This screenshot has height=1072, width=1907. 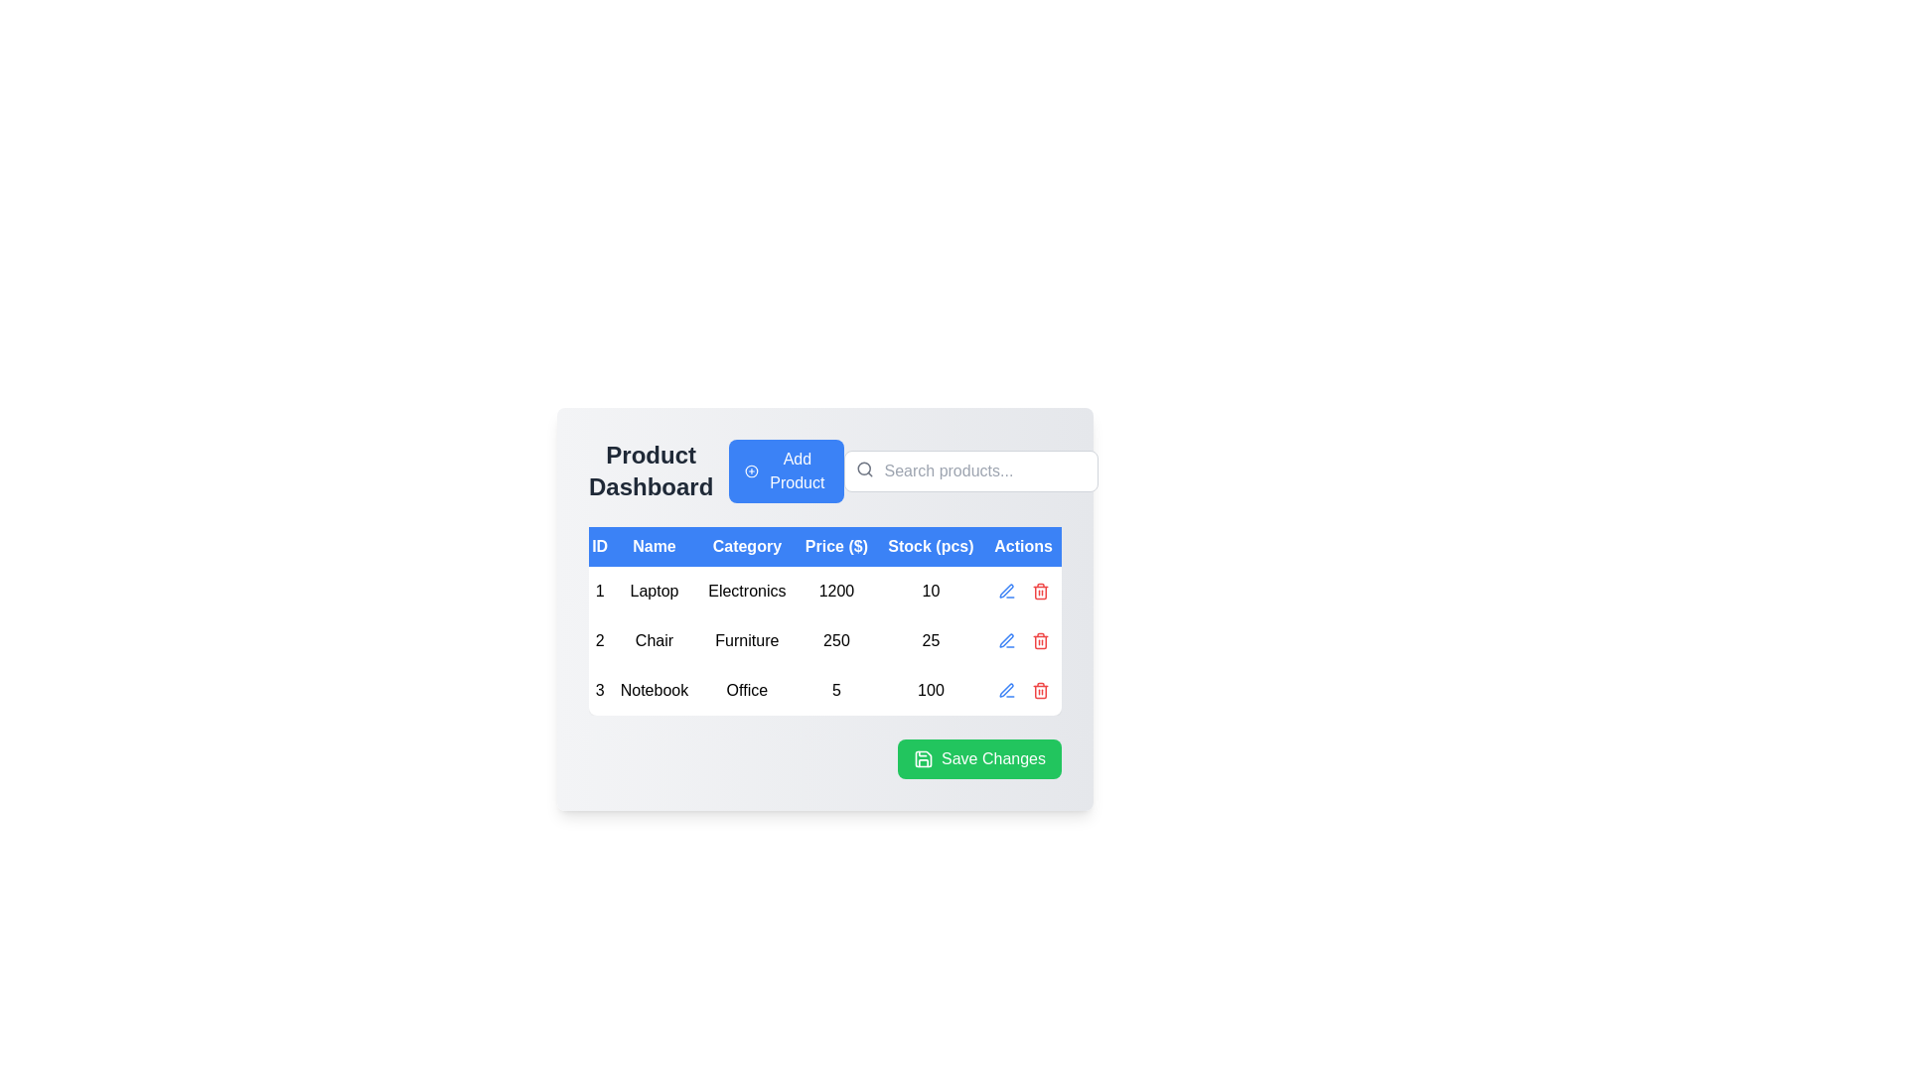 I want to click on the content of the Text Label displaying the price for the product 'Laptop' in the fourth column of the product dashboard table, so click(x=836, y=591).